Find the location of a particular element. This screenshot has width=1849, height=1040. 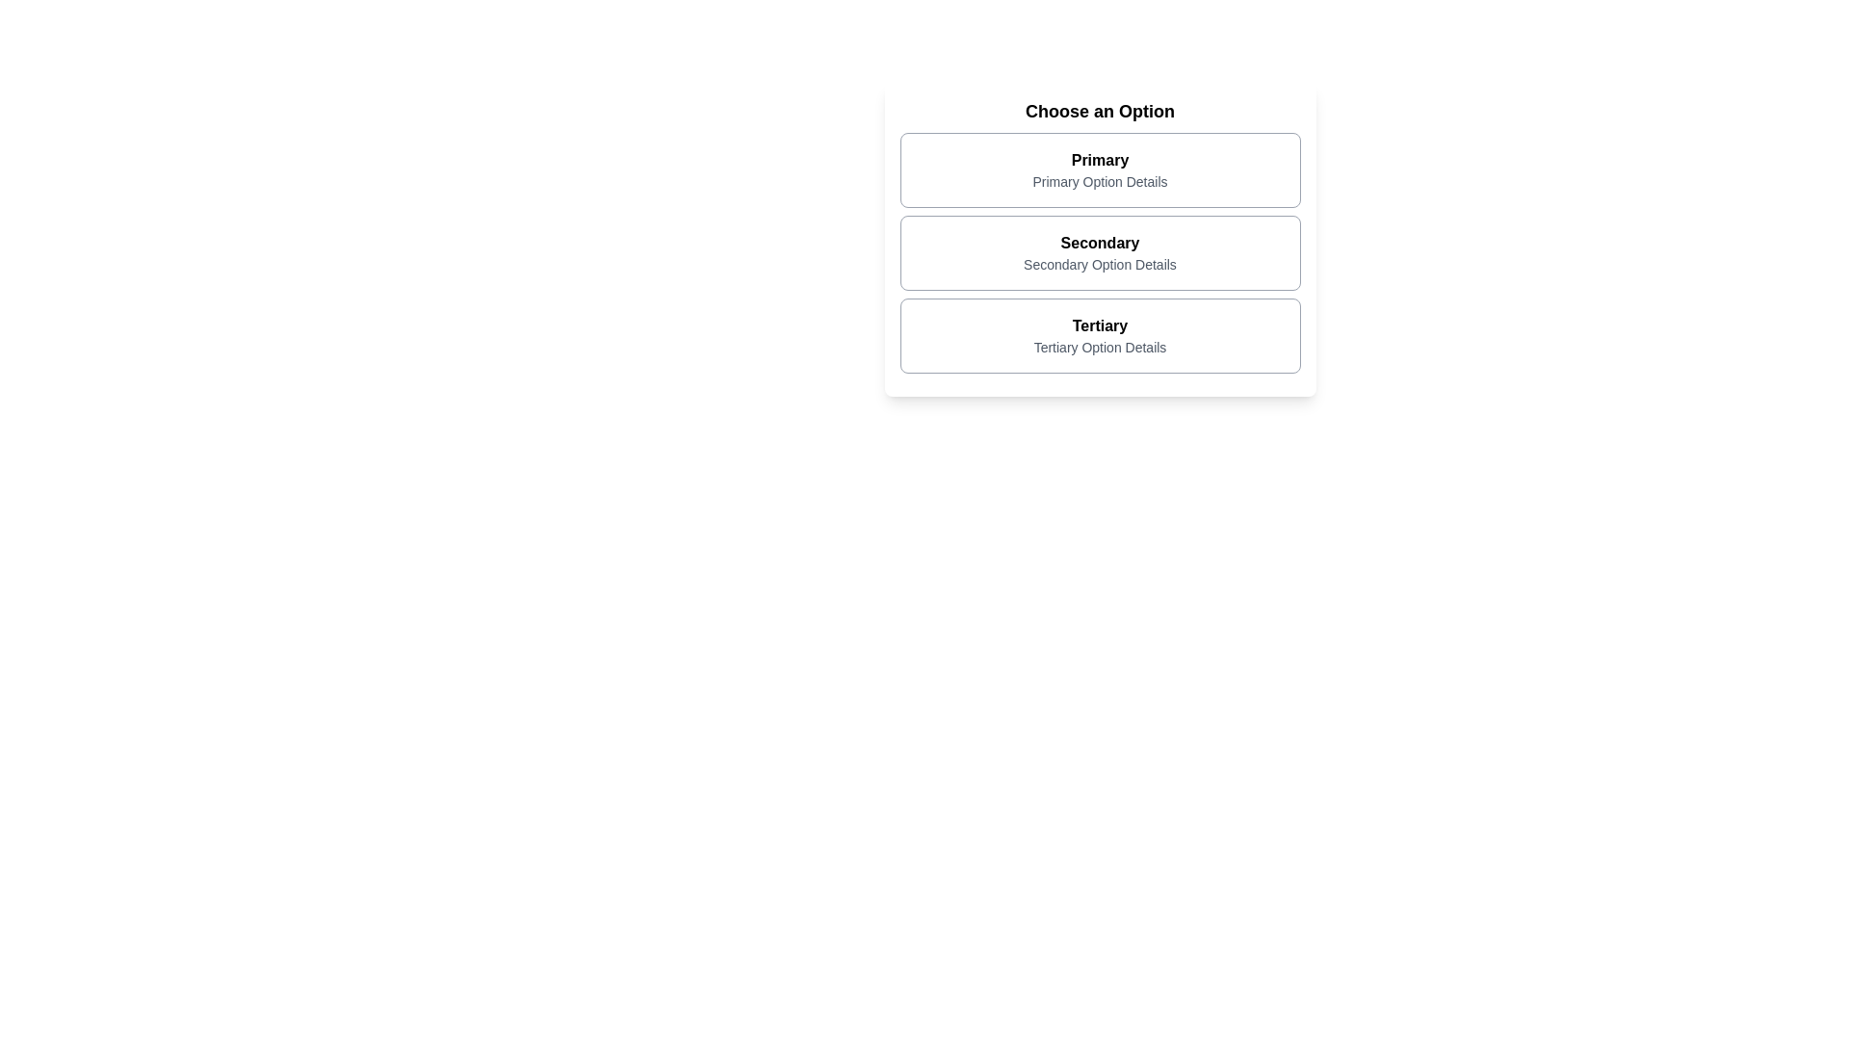

the Text Label that serves as the title for the 'Tertiary' option, which is positioned at the top of the third rectangular list item is located at coordinates (1100, 325).